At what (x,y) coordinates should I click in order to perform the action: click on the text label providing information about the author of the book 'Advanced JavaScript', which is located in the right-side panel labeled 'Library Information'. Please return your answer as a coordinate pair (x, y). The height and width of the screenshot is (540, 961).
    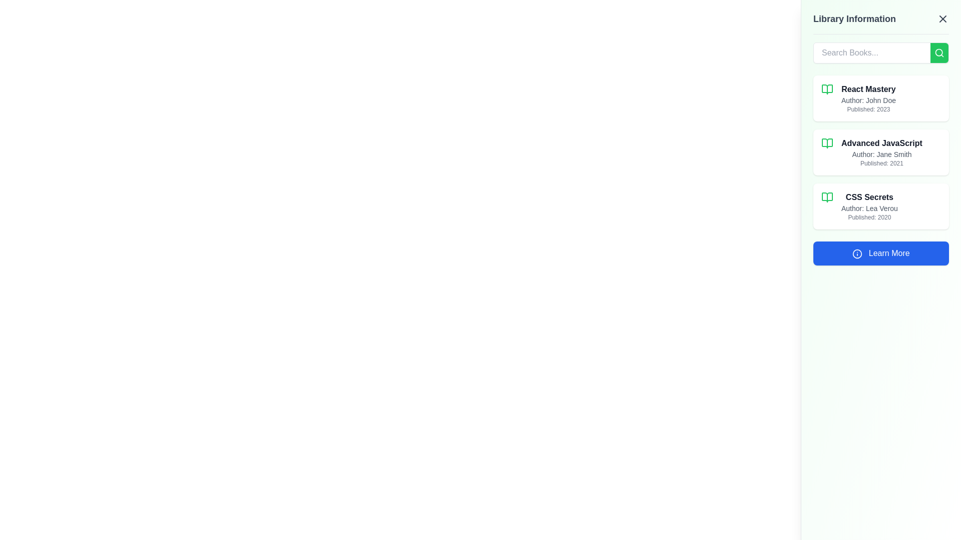
    Looking at the image, I should click on (881, 154).